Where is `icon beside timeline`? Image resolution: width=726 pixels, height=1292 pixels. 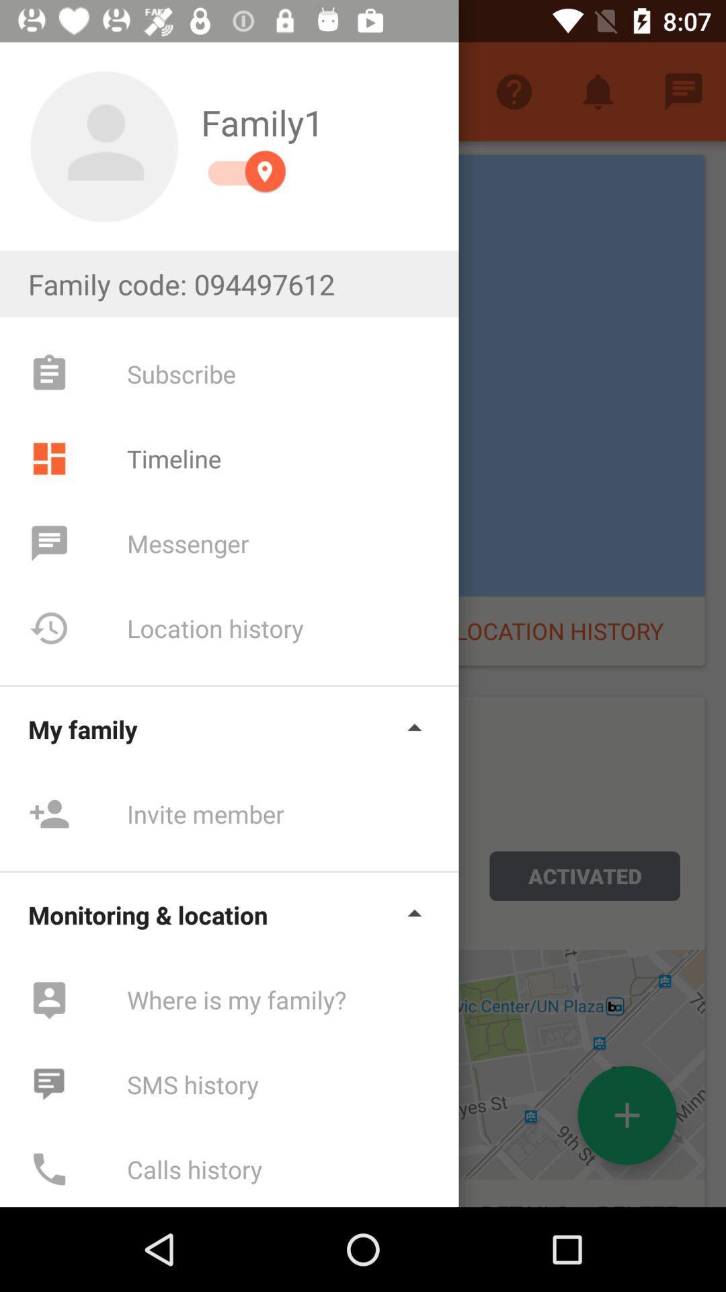
icon beside timeline is located at coordinates (48, 458).